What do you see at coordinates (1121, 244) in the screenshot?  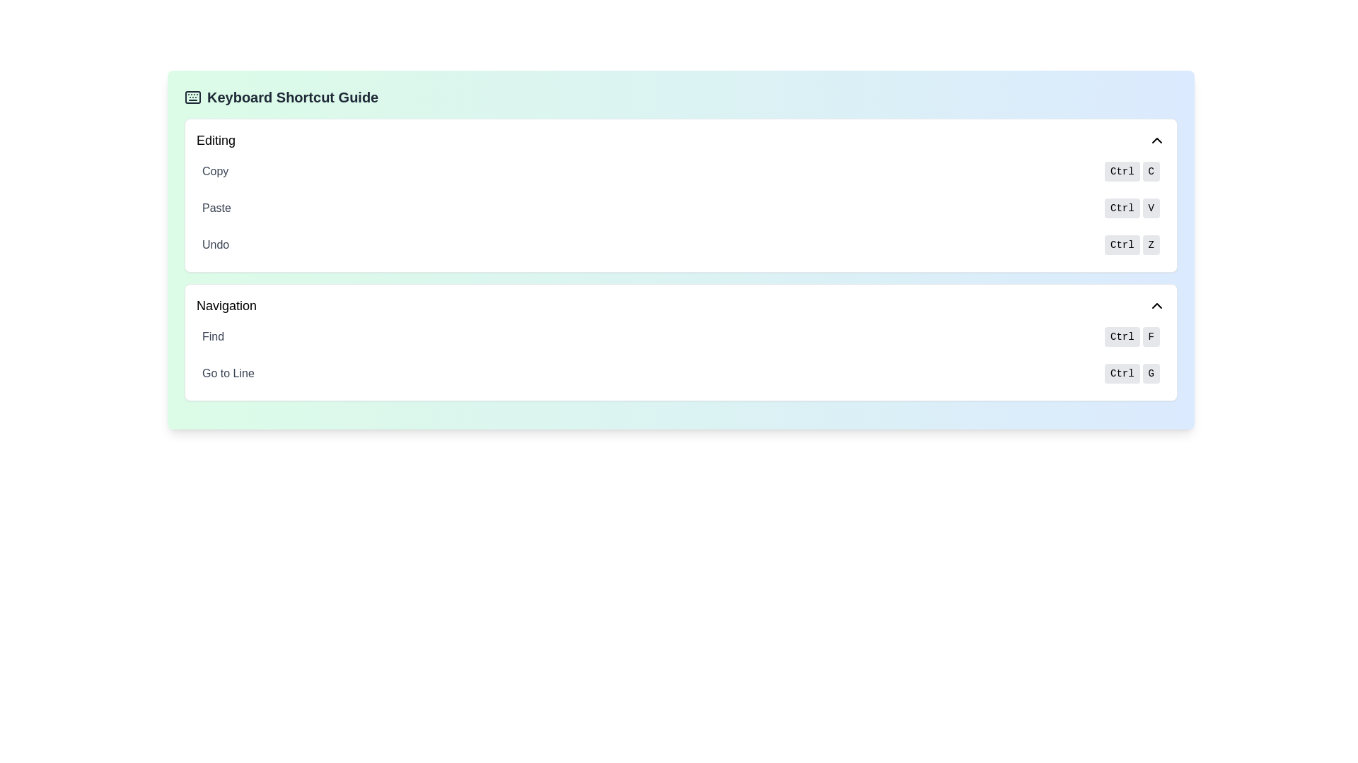 I see `text of the leftmost button in the horizontal group of keyboard shortcut buttons located in the 'Undo' row under the 'Editing' section of the 'Keyboard Shortcut Guide' panel` at bounding box center [1121, 244].